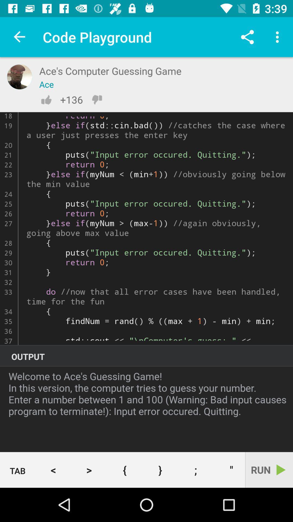 The width and height of the screenshot is (293, 522). What do you see at coordinates (46, 100) in the screenshot?
I see `the thumbs_up icon` at bounding box center [46, 100].